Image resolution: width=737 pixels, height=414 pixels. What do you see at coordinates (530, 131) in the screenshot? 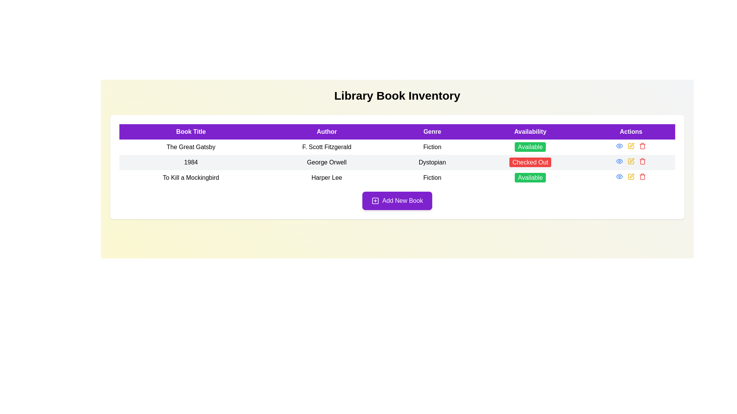
I see `text from the horizontally rectangular Text Label with a purple background and white text that displays 'Availability', located in the header row of a table between the 'Genre' and 'Actions' columns` at bounding box center [530, 131].